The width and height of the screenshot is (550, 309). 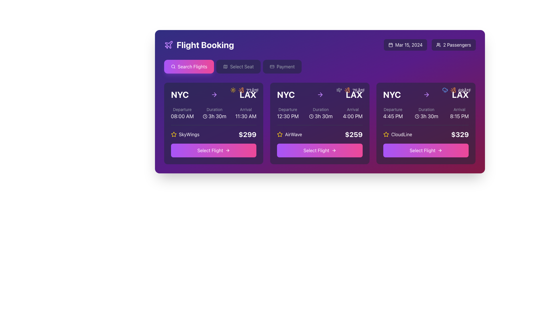 What do you see at coordinates (246, 109) in the screenshot?
I see `the 'Arrival' text label displayed in a small-sized gray font, located above the time indicator '11:30 AM' in the second flight information card` at bounding box center [246, 109].